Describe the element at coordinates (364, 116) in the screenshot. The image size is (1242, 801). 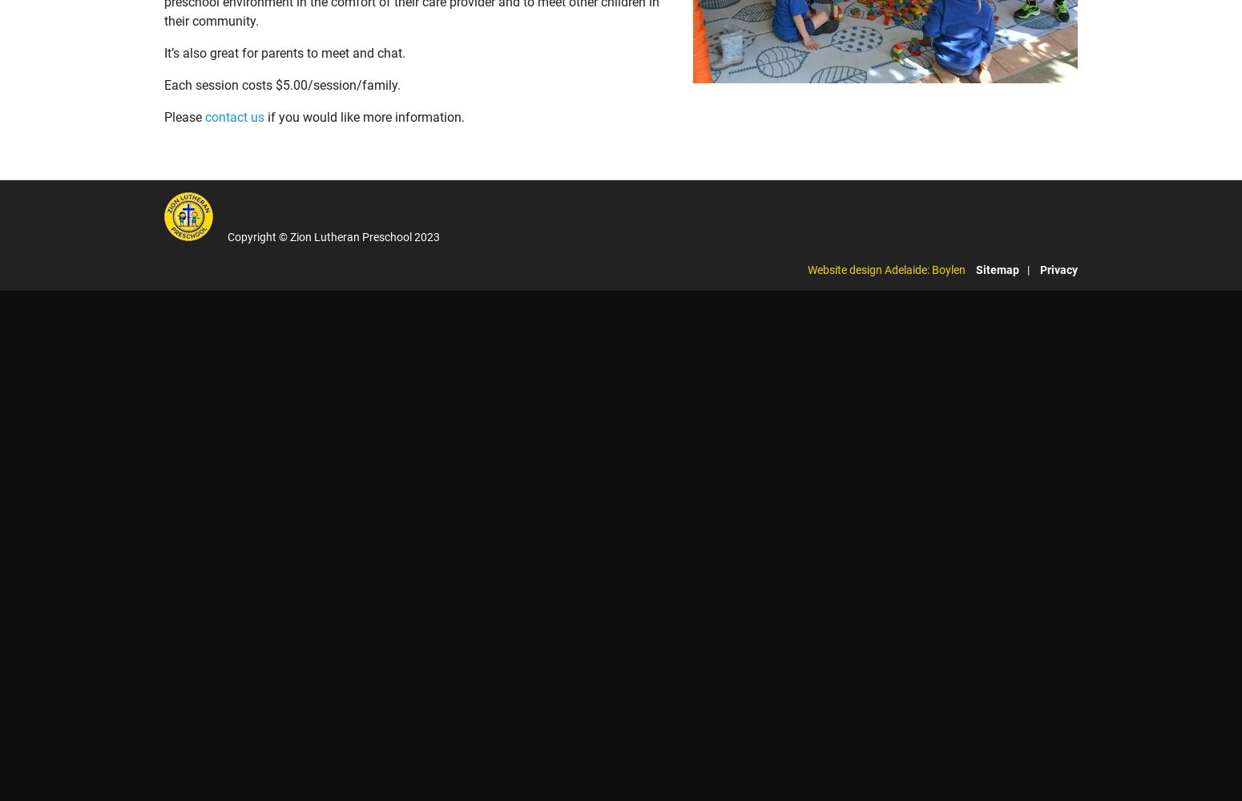
I see `'if you would like more information.'` at that location.